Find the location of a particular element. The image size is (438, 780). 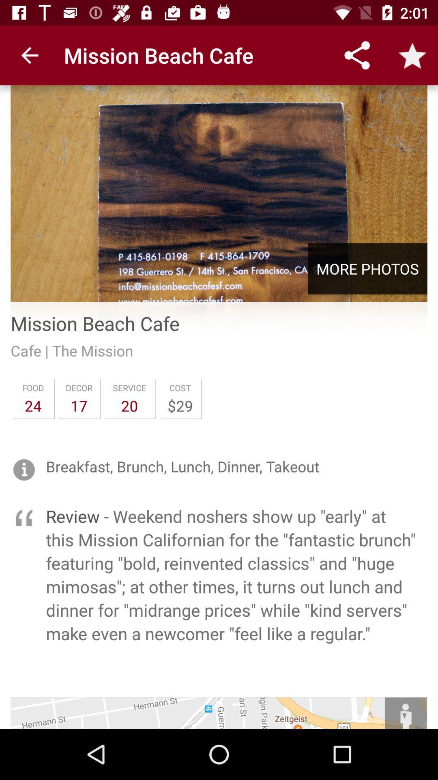

icon on the right is located at coordinates (367, 269).